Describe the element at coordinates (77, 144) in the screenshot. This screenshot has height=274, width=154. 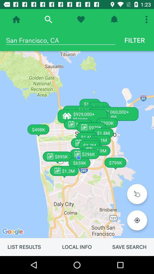
I see `item below the filter item` at that location.